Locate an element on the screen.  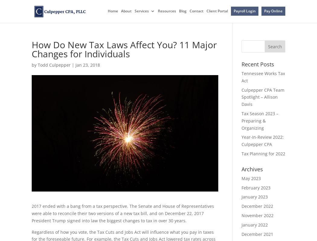
'December 2022' is located at coordinates (241, 206).